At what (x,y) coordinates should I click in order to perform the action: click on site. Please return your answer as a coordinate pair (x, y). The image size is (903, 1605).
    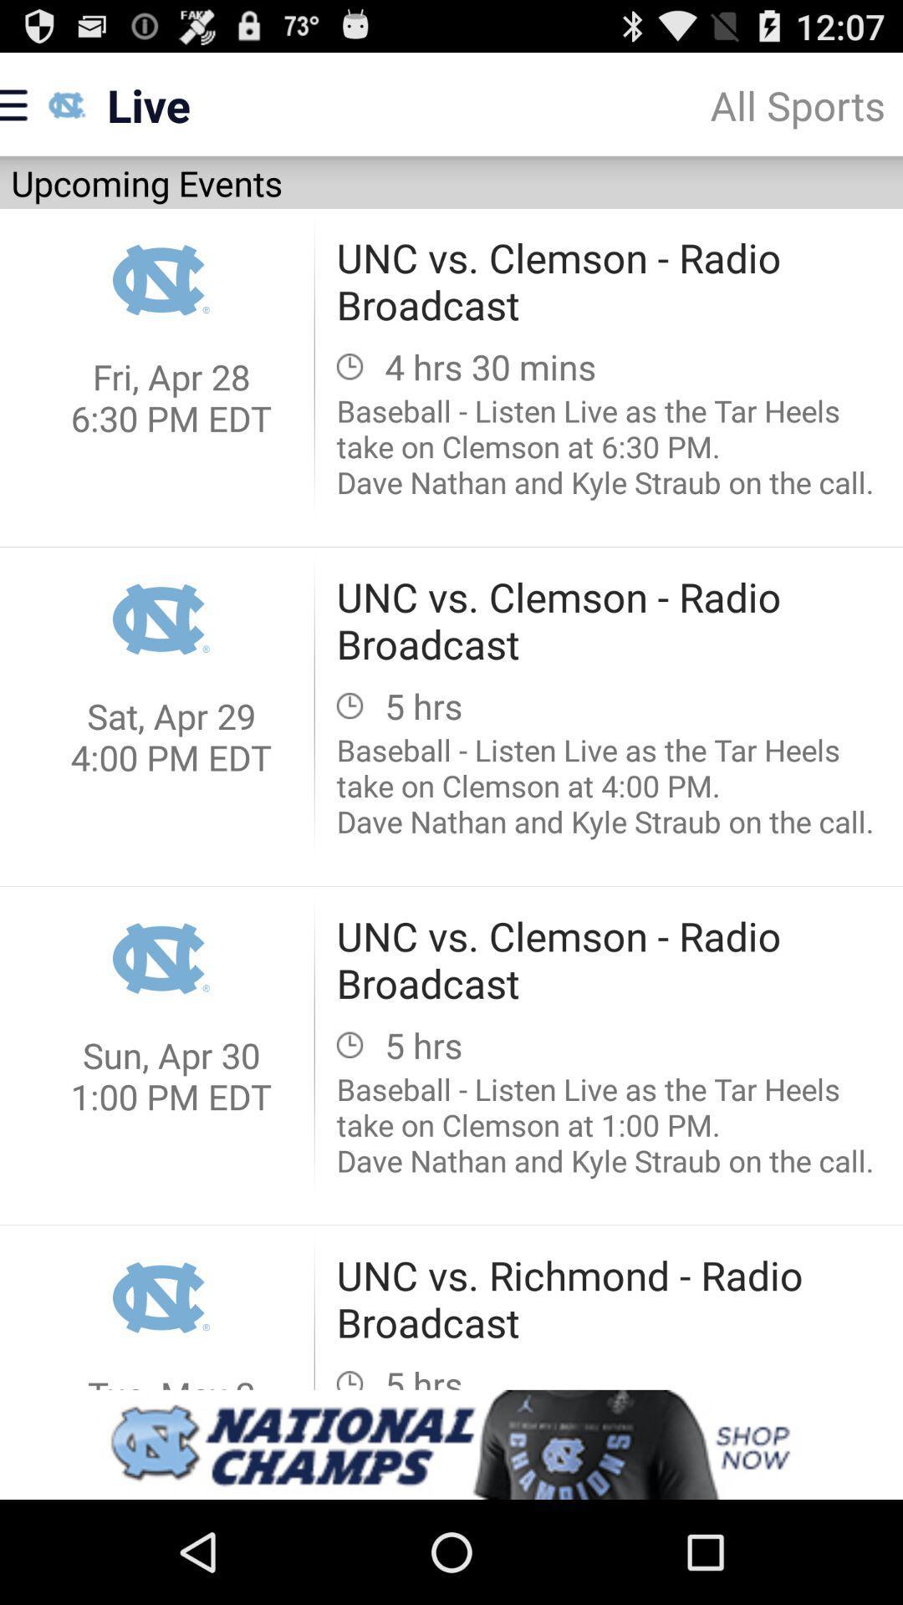
    Looking at the image, I should click on (451, 1444).